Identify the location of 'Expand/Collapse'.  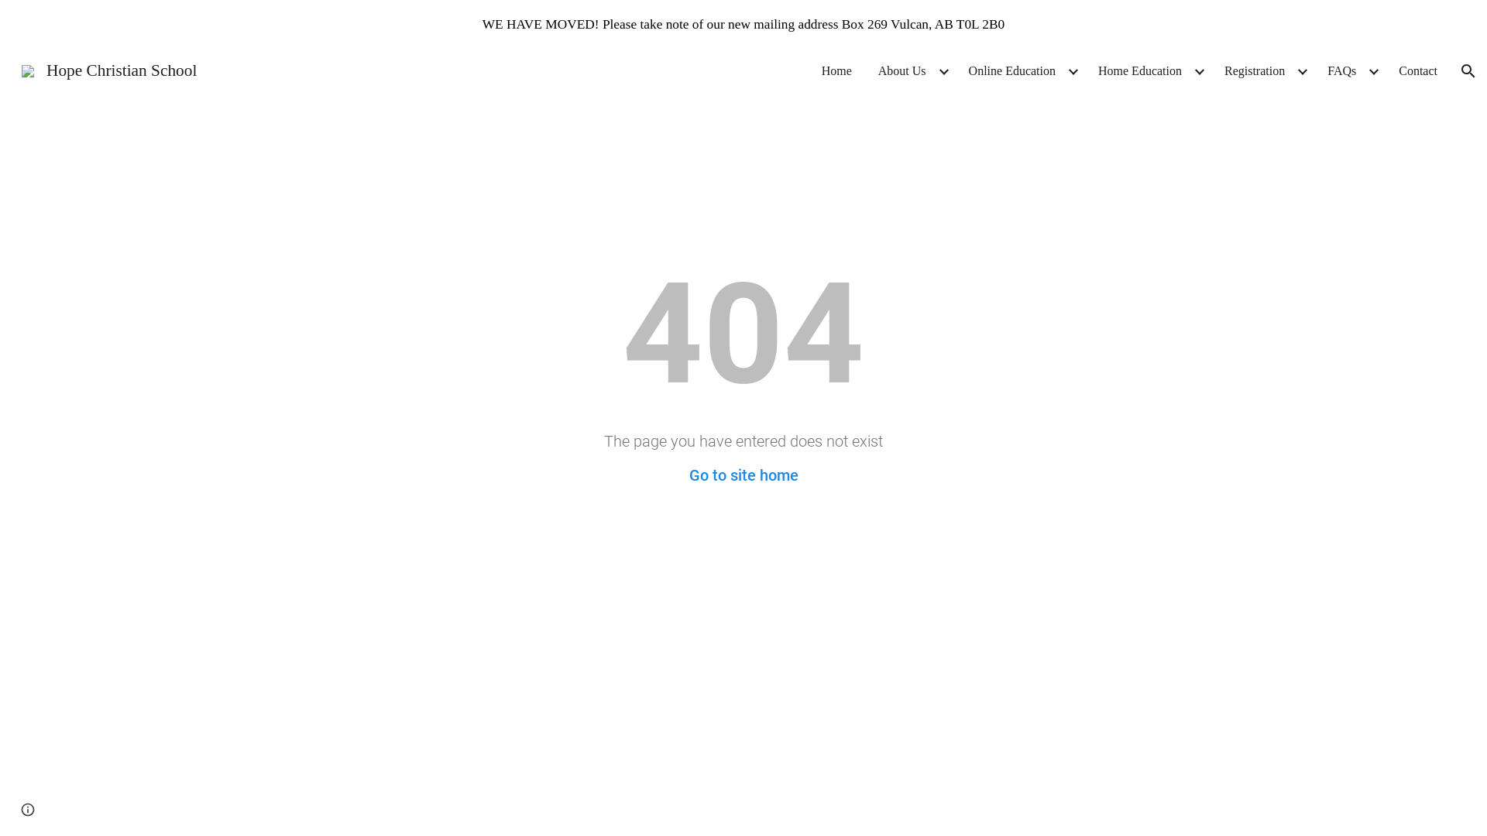
(943, 71).